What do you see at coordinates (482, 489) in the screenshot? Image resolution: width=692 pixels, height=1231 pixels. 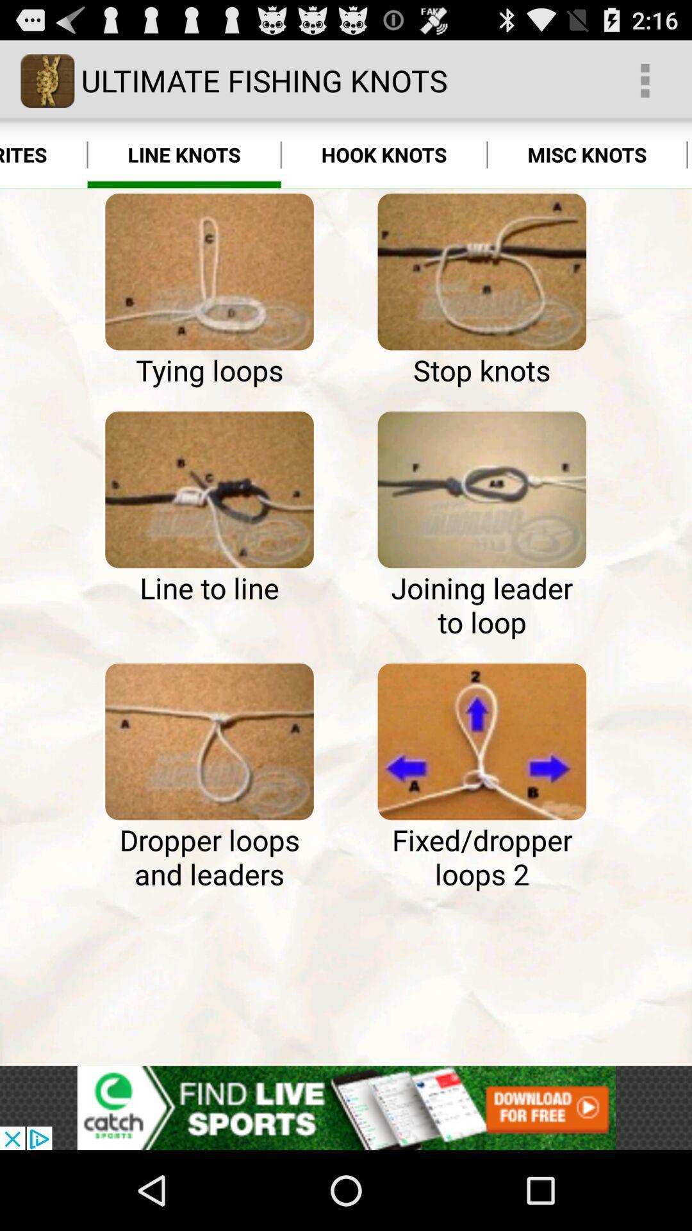 I see `open details of subject` at bounding box center [482, 489].